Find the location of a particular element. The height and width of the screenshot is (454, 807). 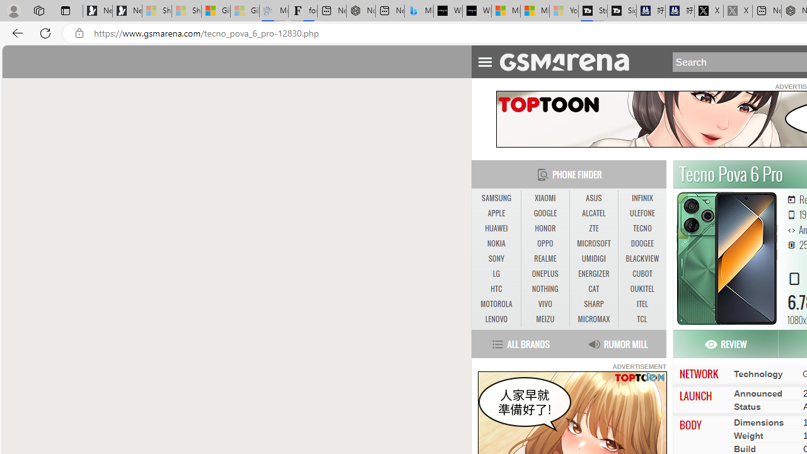

'Dimensions' is located at coordinates (758, 422).